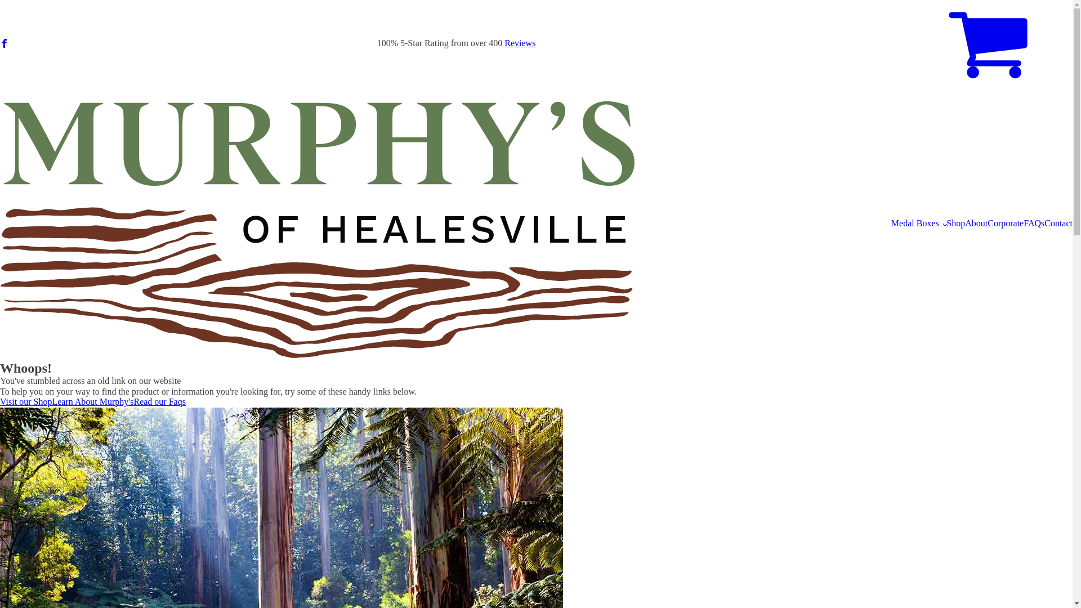 Image resolution: width=1081 pixels, height=608 pixels. I want to click on 'FAQs', so click(1034, 223).